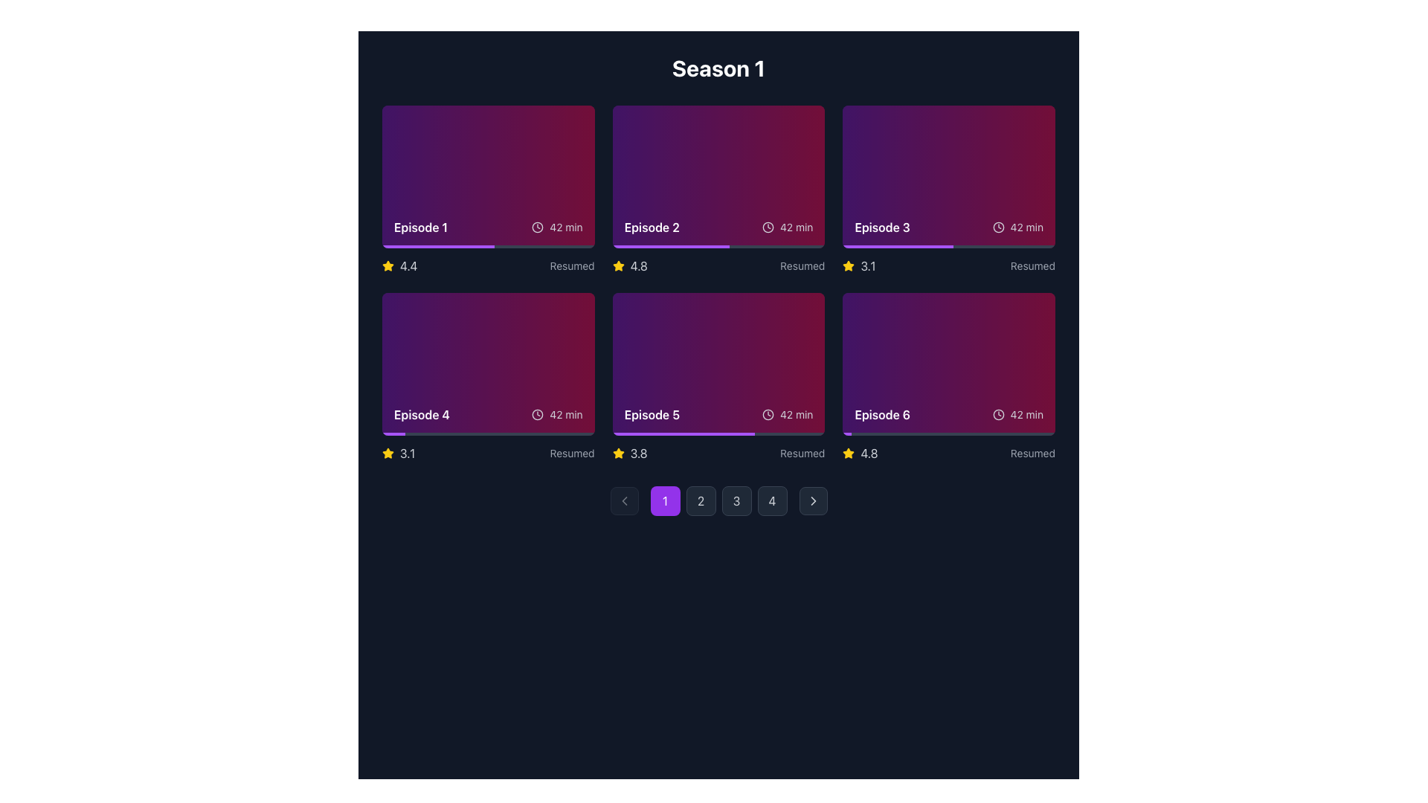 Image resolution: width=1428 pixels, height=803 pixels. Describe the element at coordinates (408, 265) in the screenshot. I see `the text label displaying the rating value for 'Episode 1', located below its thumbnail and next to a star icon` at that location.